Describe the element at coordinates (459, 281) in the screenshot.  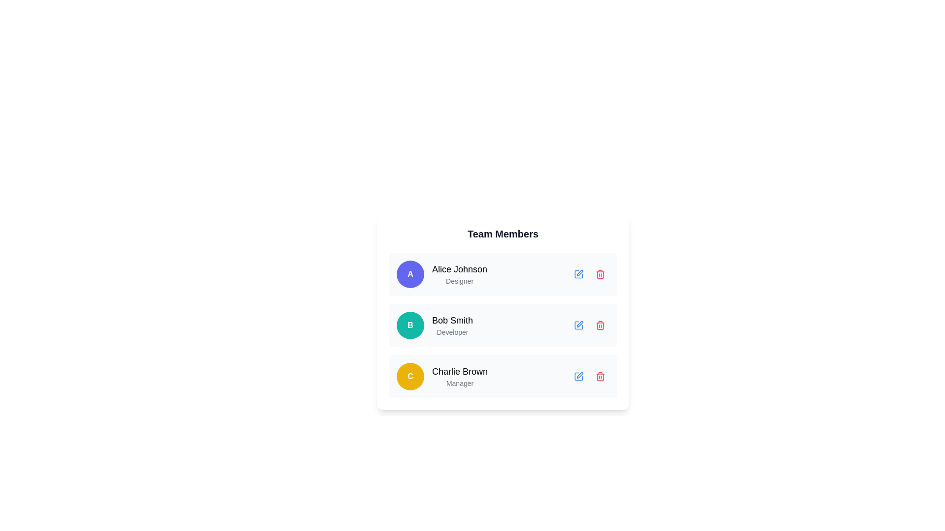
I see `the text label indicating the role or position of the team member, located below 'Alice Johnson' in the team member list` at that location.